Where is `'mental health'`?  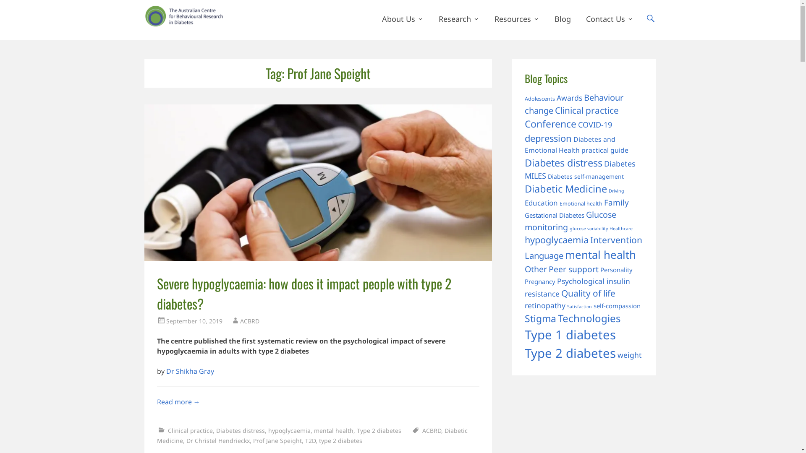
'mental health' is located at coordinates (600, 254).